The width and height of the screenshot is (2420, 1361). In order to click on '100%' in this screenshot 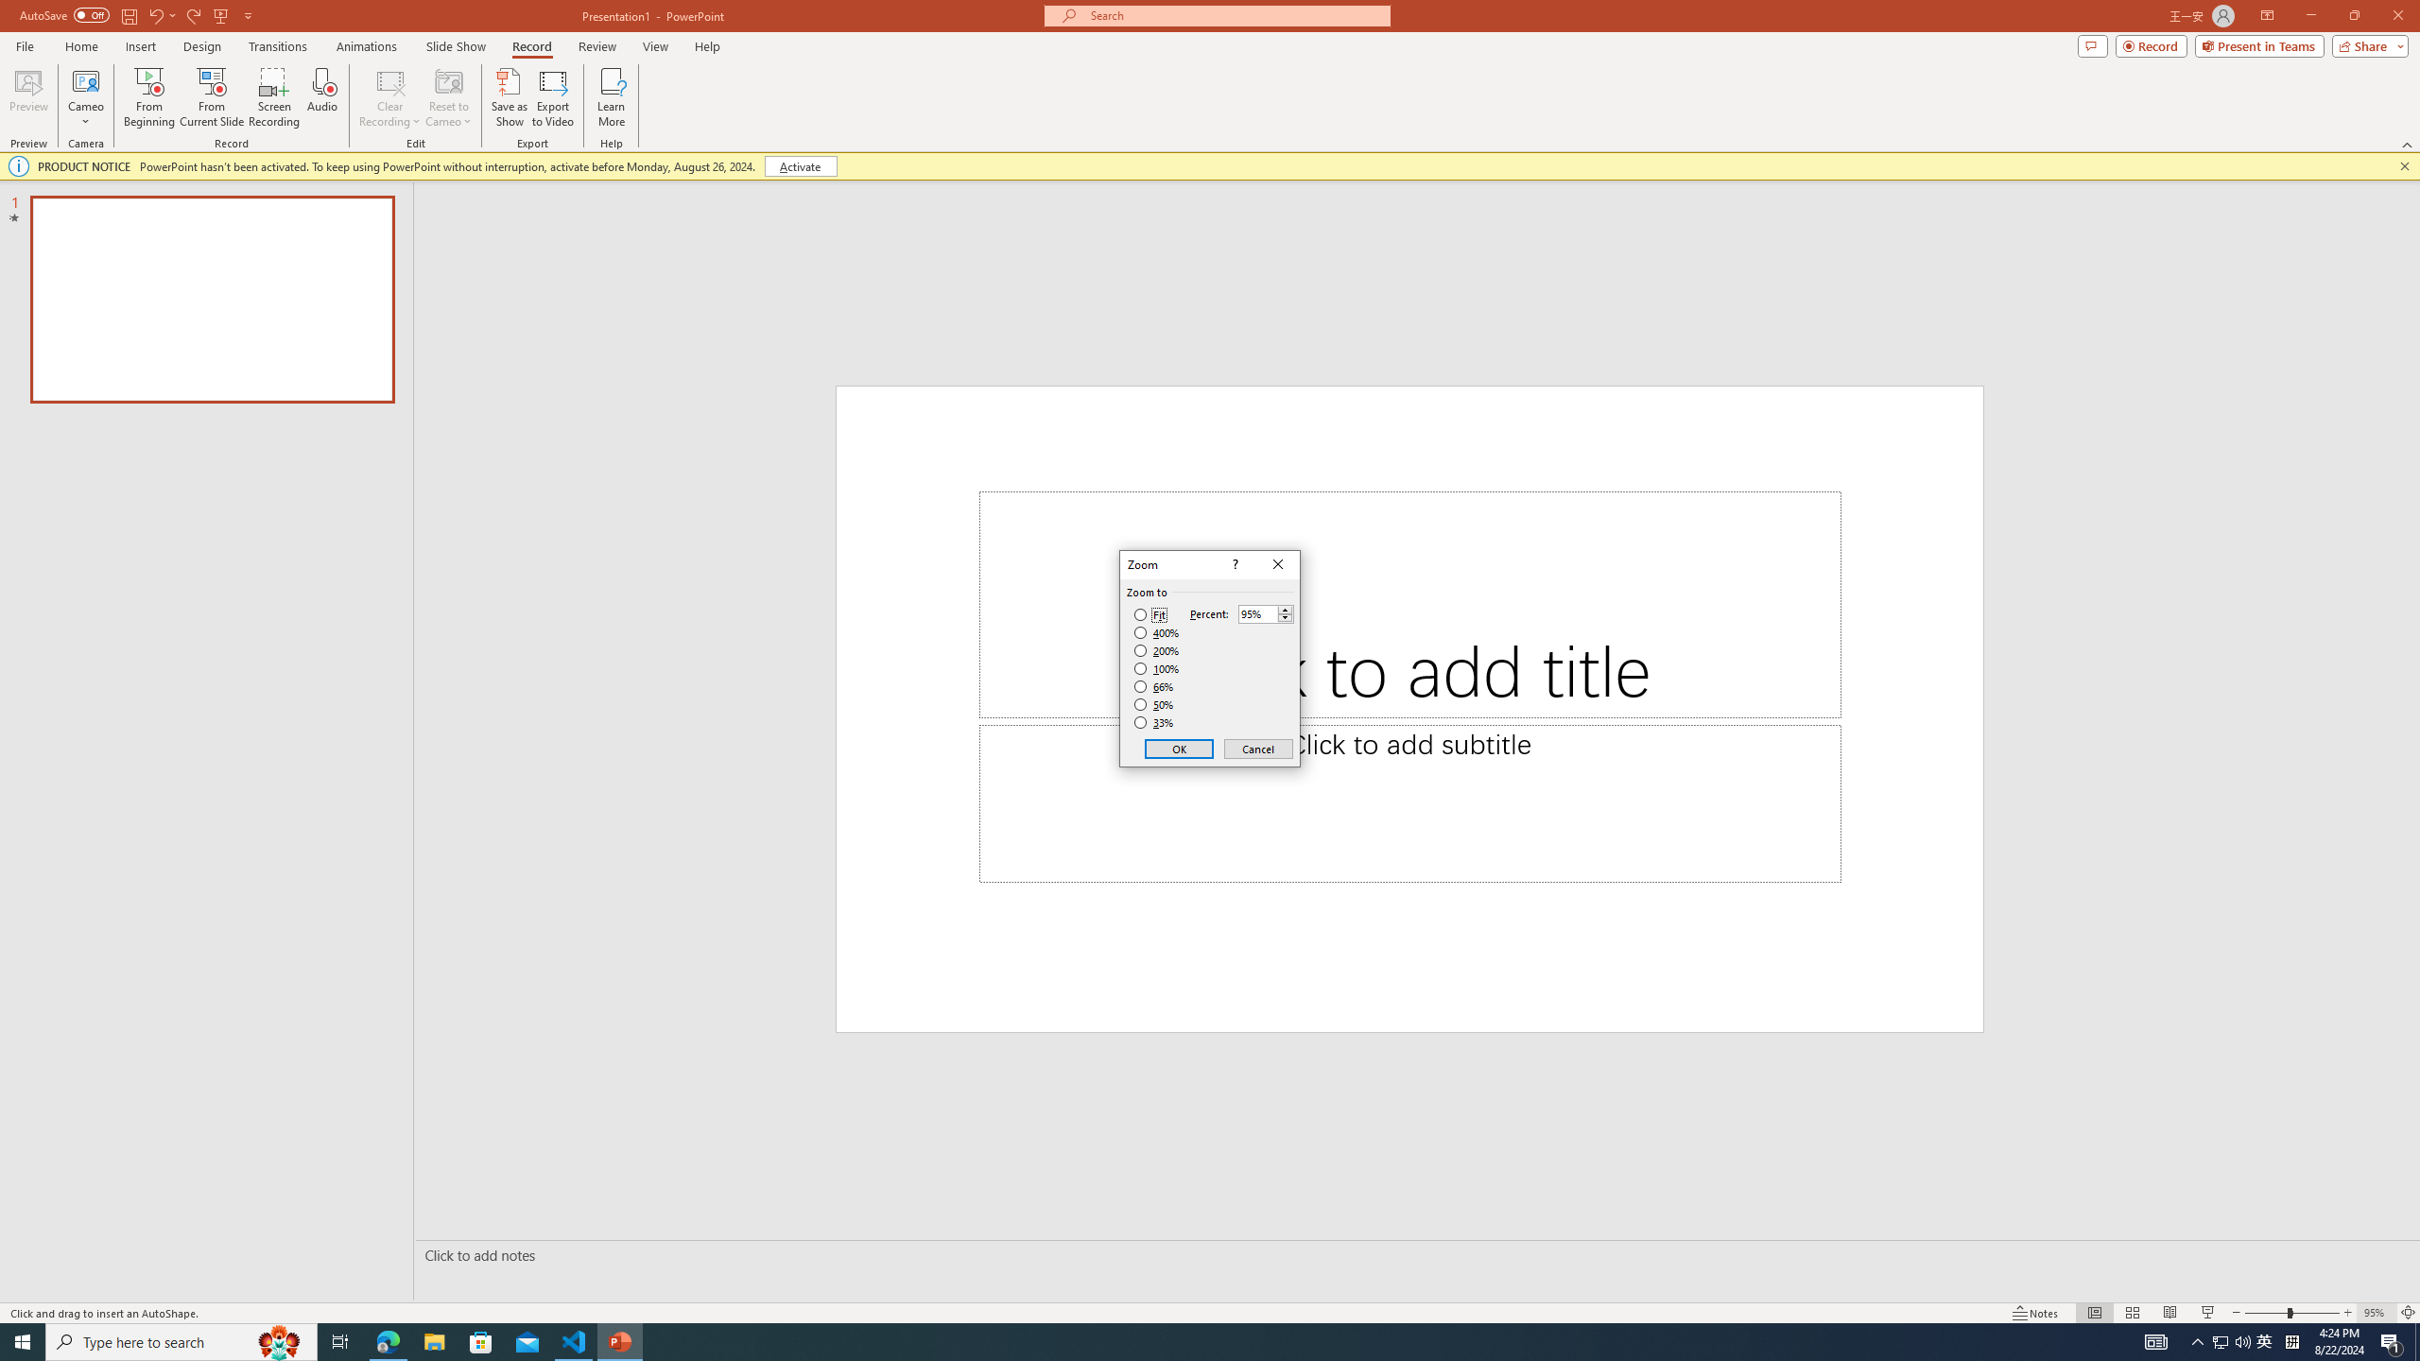, I will do `click(1156, 667)`.